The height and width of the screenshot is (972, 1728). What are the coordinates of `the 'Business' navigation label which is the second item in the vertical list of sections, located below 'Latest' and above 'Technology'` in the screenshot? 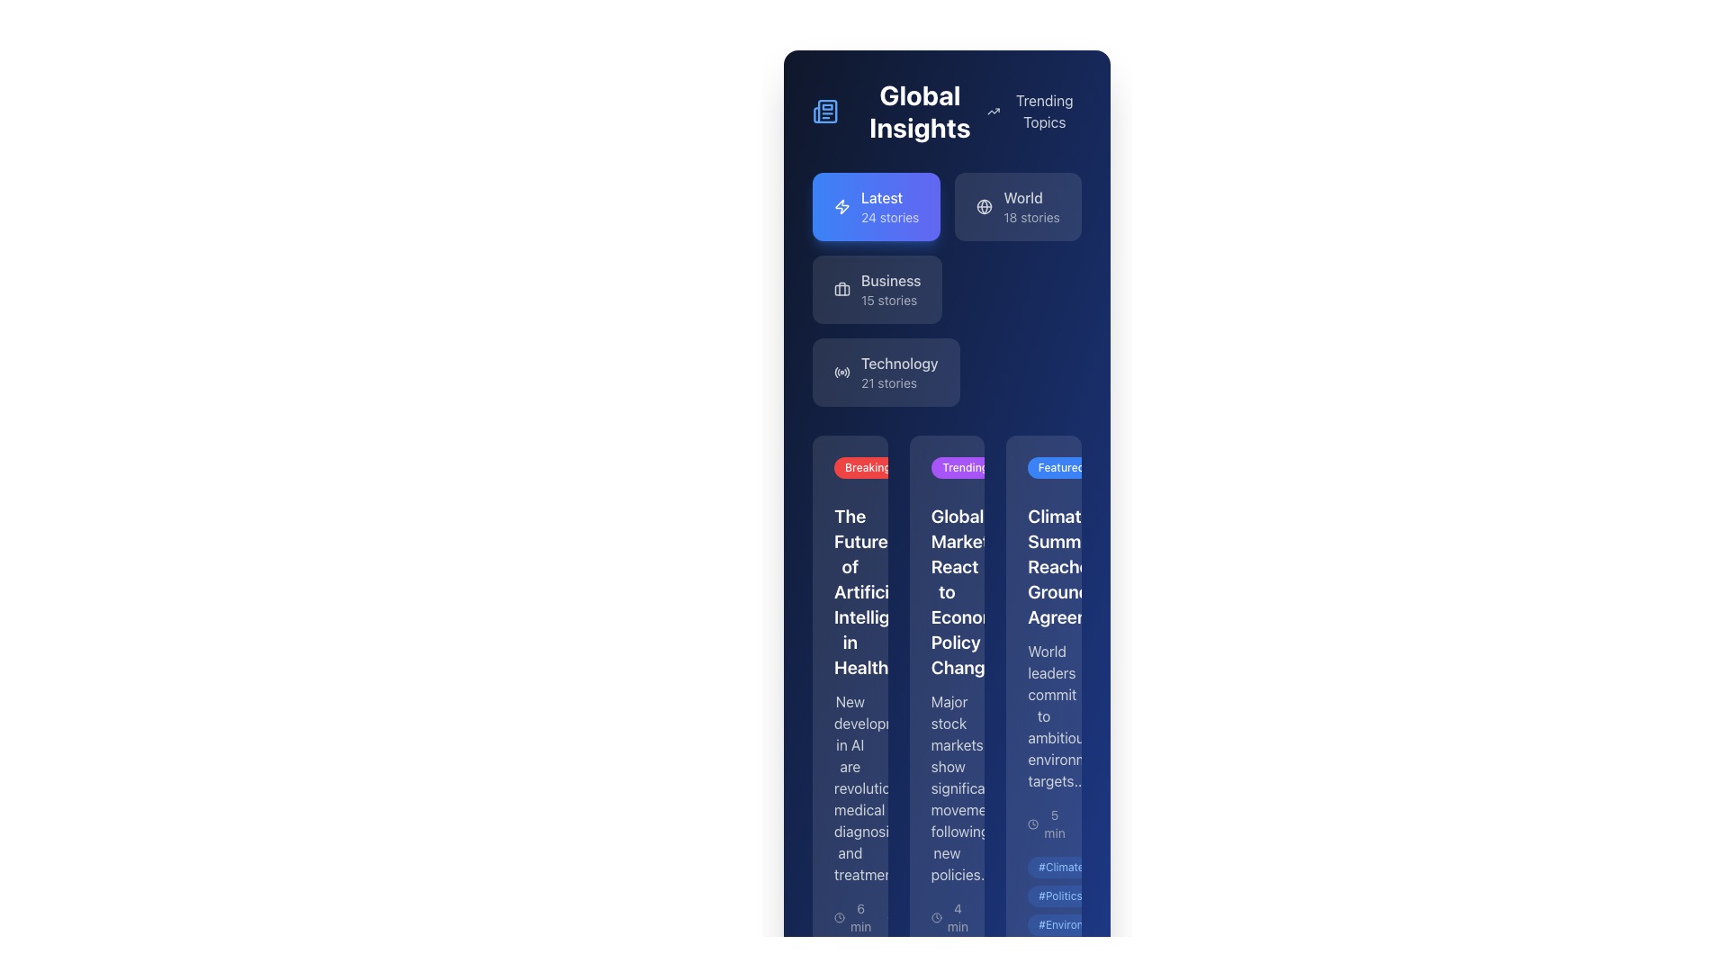 It's located at (891, 288).